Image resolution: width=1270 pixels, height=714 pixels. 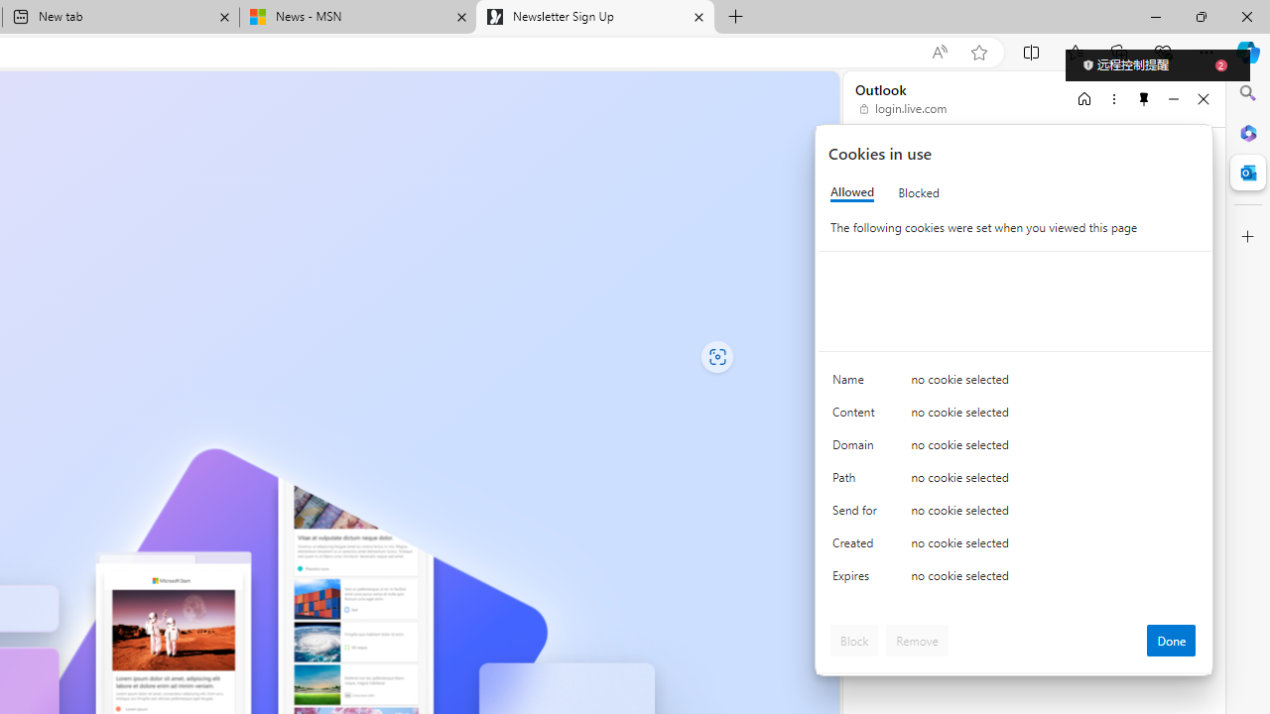 I want to click on 'Name', so click(x=858, y=384).